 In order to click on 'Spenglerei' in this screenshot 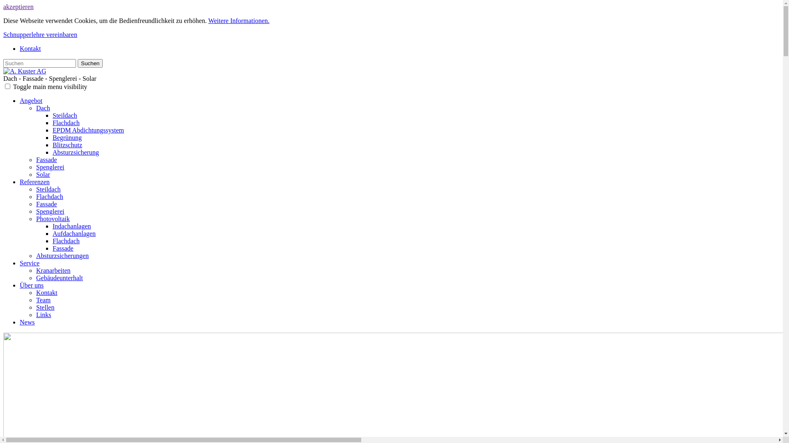, I will do `click(49, 211)`.